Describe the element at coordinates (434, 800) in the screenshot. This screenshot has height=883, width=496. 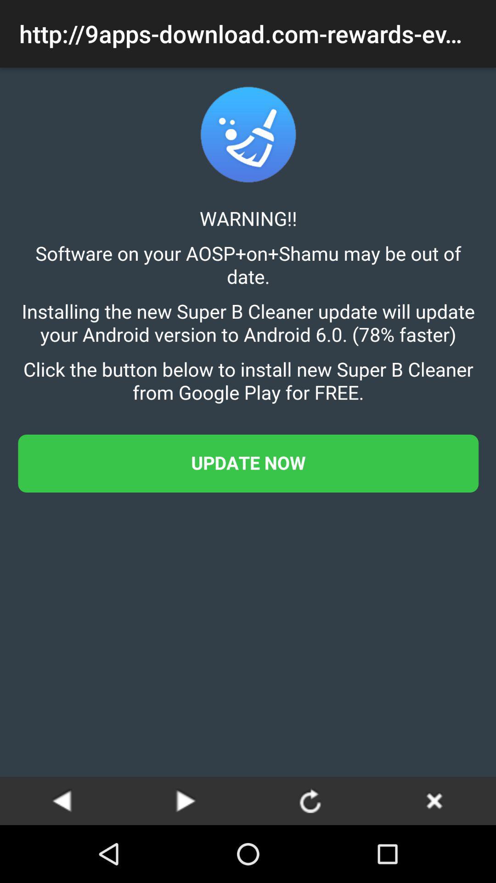
I see `the app` at that location.